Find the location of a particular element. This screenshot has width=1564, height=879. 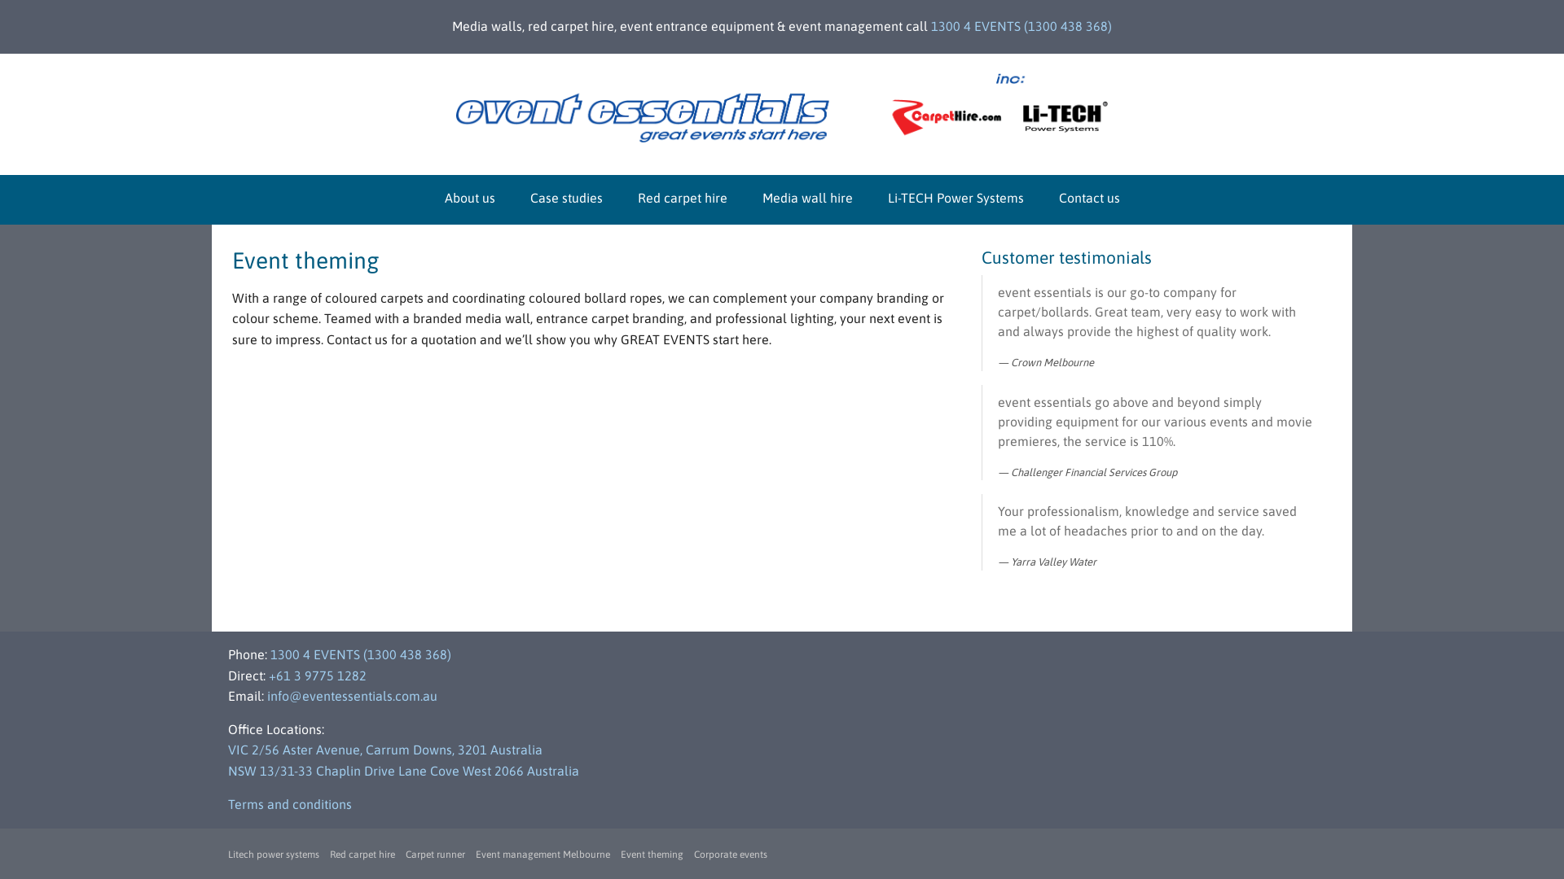

'info@eventessentials.com.au' is located at coordinates (351, 696).